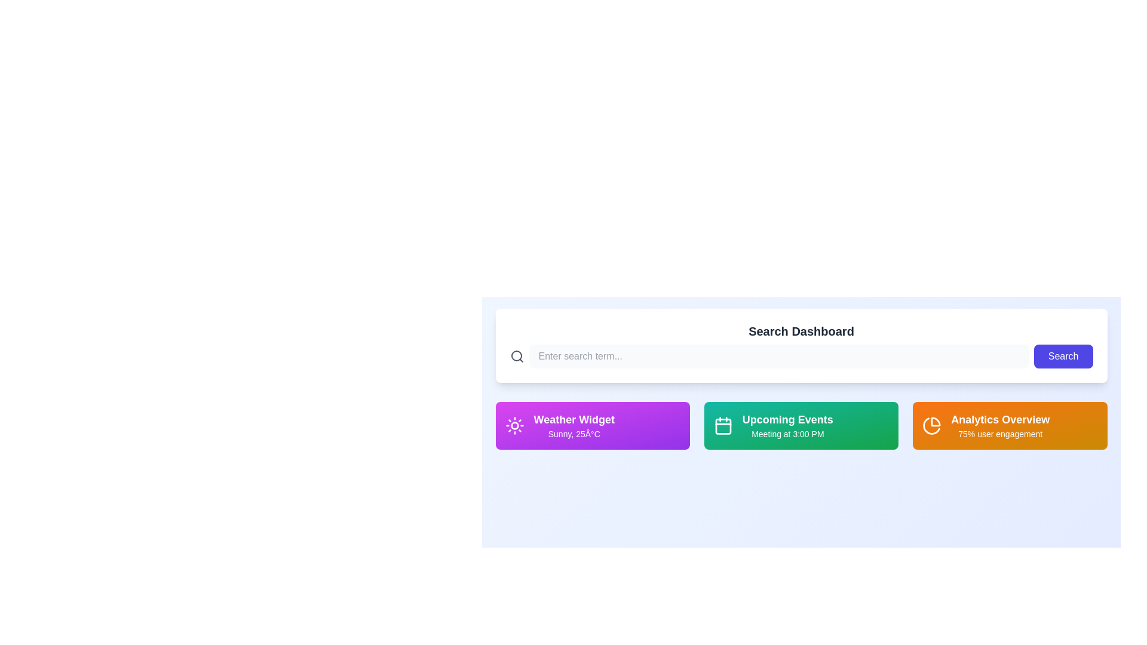 The height and width of the screenshot is (645, 1147). Describe the element at coordinates (514, 425) in the screenshot. I see `the sunny weather icon within the 'Weather Widget' card, which visually represents sunny weather and is located before the title 'Weather Widget'` at that location.